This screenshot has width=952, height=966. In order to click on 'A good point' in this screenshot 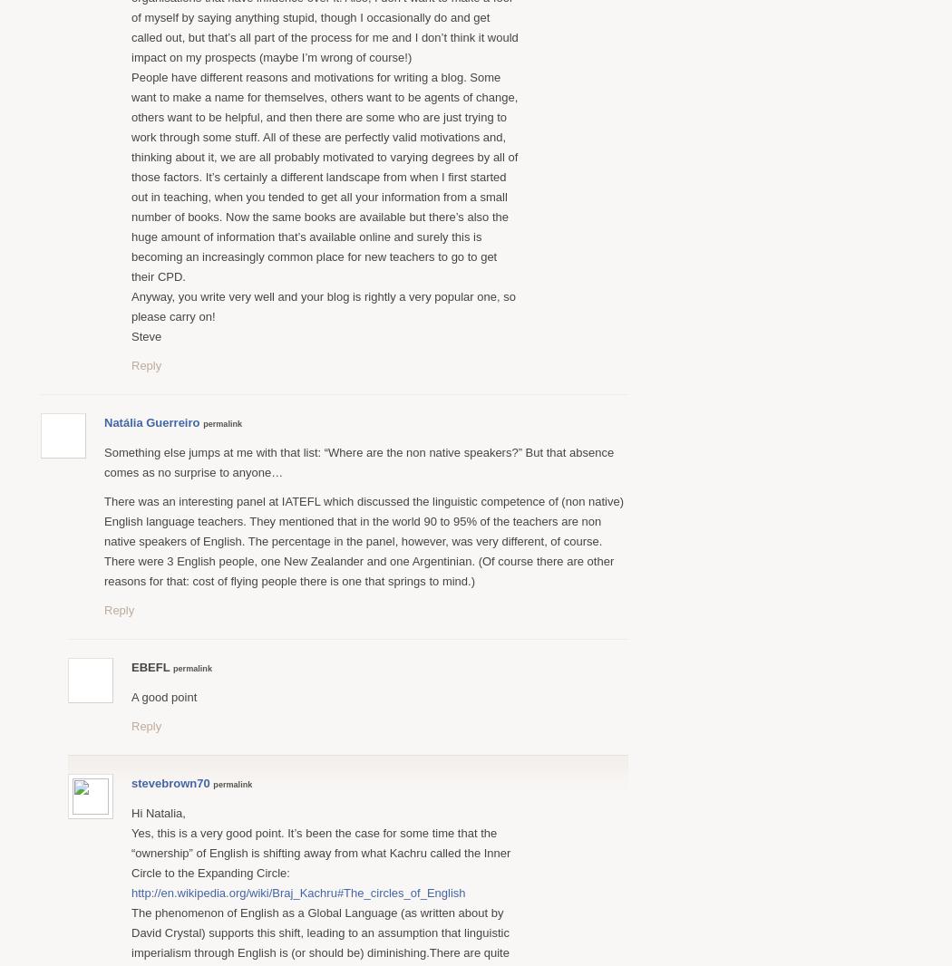, I will do `click(164, 695)`.